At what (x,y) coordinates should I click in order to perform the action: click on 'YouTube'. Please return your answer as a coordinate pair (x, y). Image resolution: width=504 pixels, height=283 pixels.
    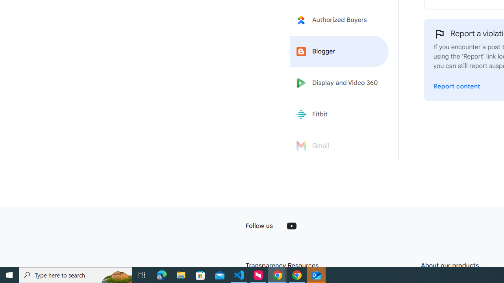
    Looking at the image, I should click on (291, 226).